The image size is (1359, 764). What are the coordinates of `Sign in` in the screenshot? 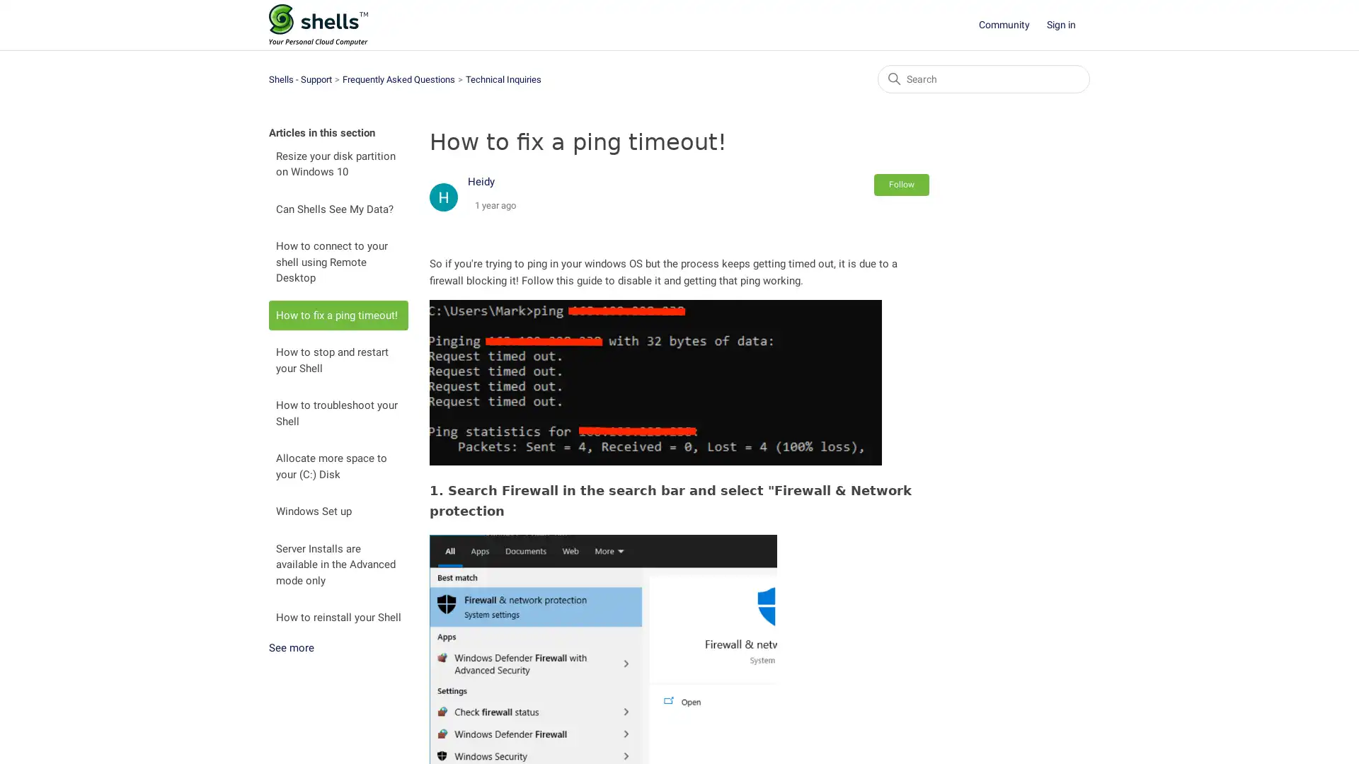 It's located at (1068, 25).